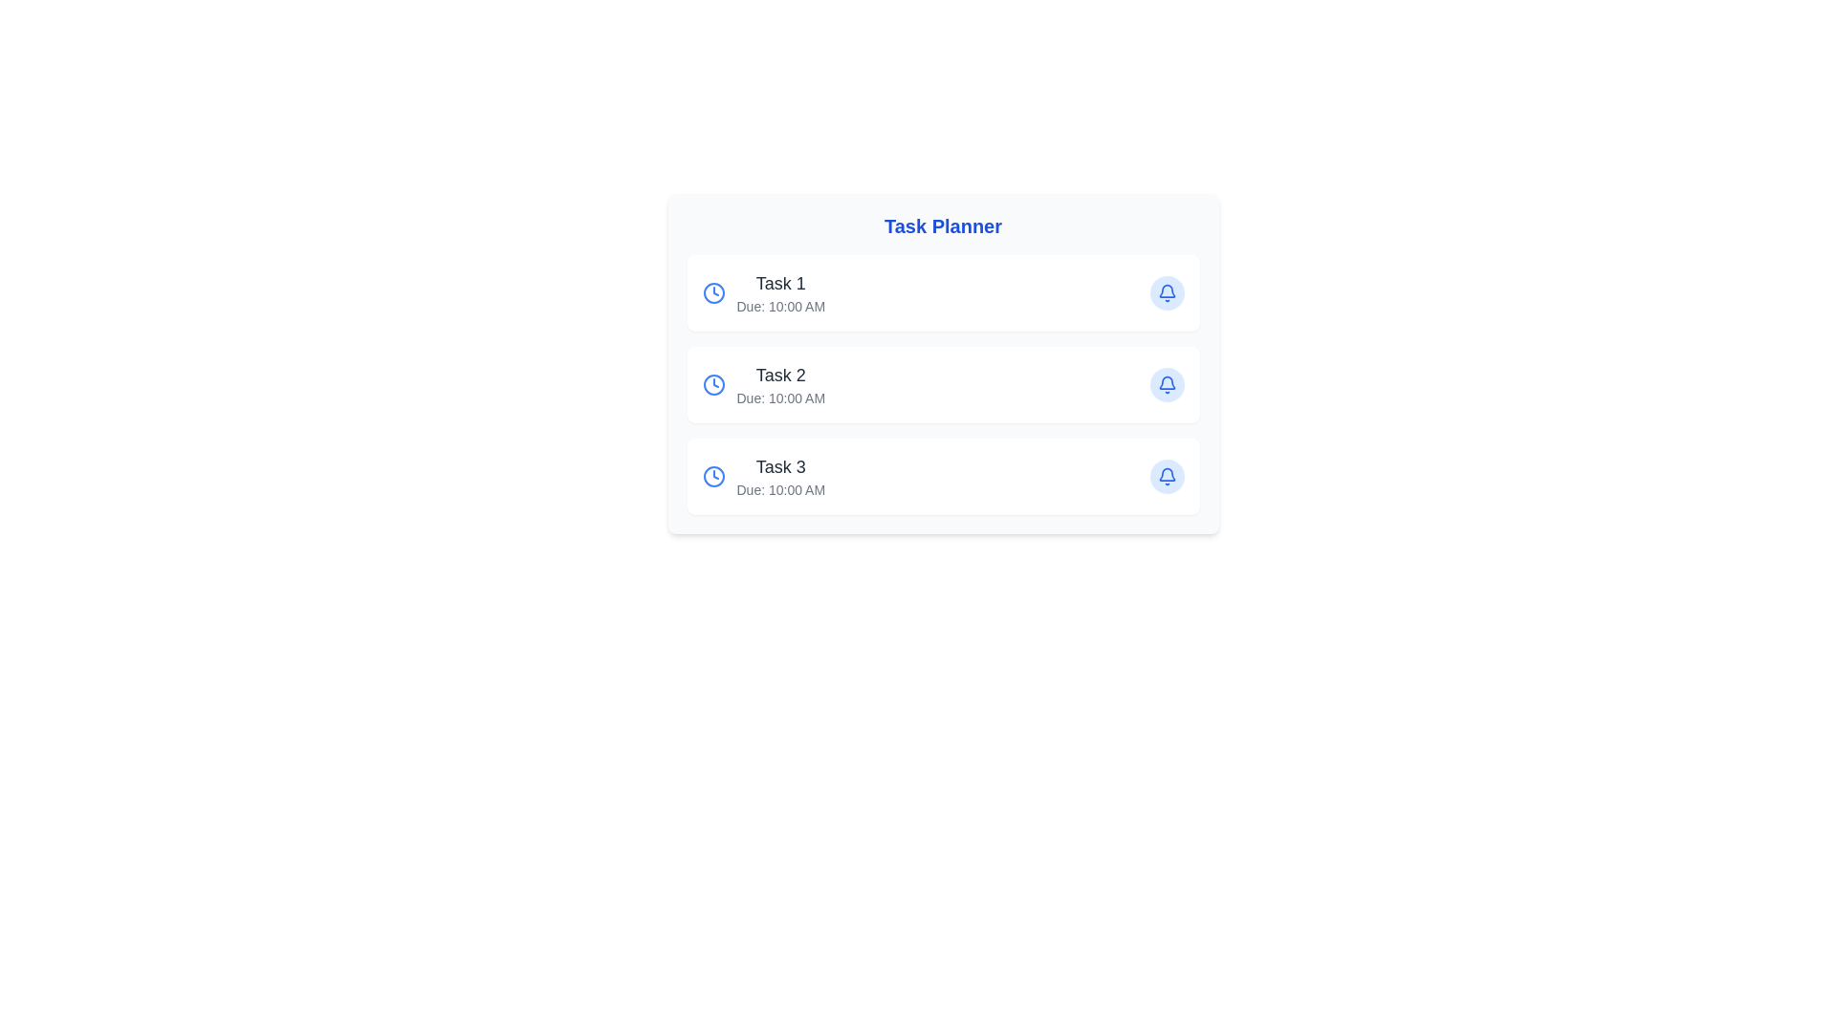 The height and width of the screenshot is (1032, 1836). What do you see at coordinates (780, 384) in the screenshot?
I see `task title 'Task 2' and the due time 'Due: 10:00 AM' from the text display located in the vertical task list panel, positioned below 'Task 1' and above 'Task 3'` at bounding box center [780, 384].